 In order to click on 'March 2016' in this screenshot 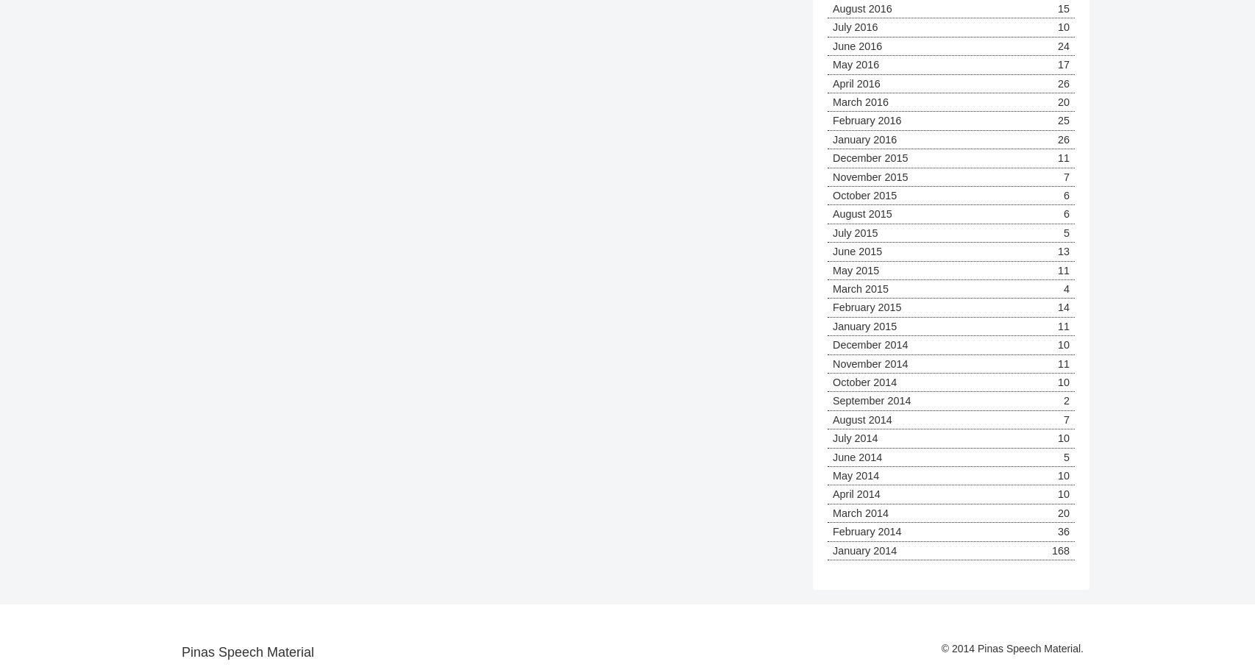, I will do `click(860, 101)`.